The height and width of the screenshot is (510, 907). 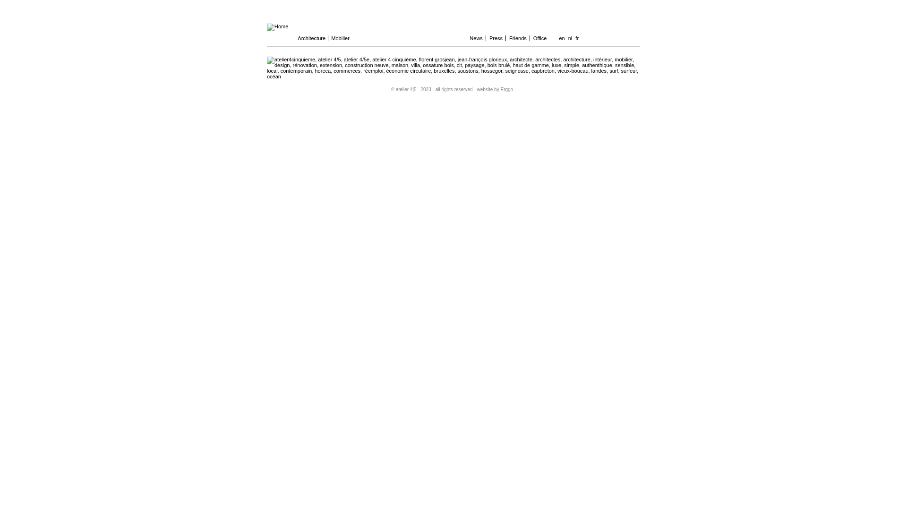 What do you see at coordinates (557, 38) in the screenshot?
I see `'en'` at bounding box center [557, 38].